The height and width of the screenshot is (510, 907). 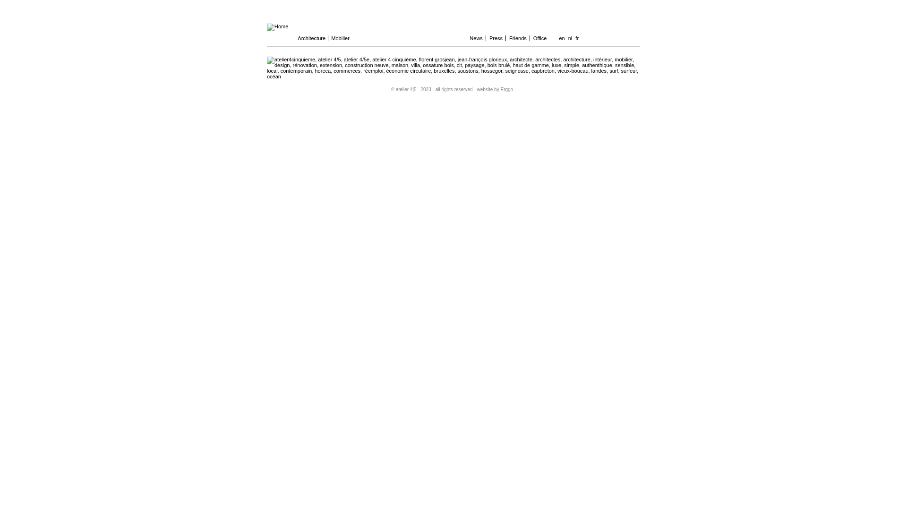 What do you see at coordinates (557, 38) in the screenshot?
I see `'en'` at bounding box center [557, 38].